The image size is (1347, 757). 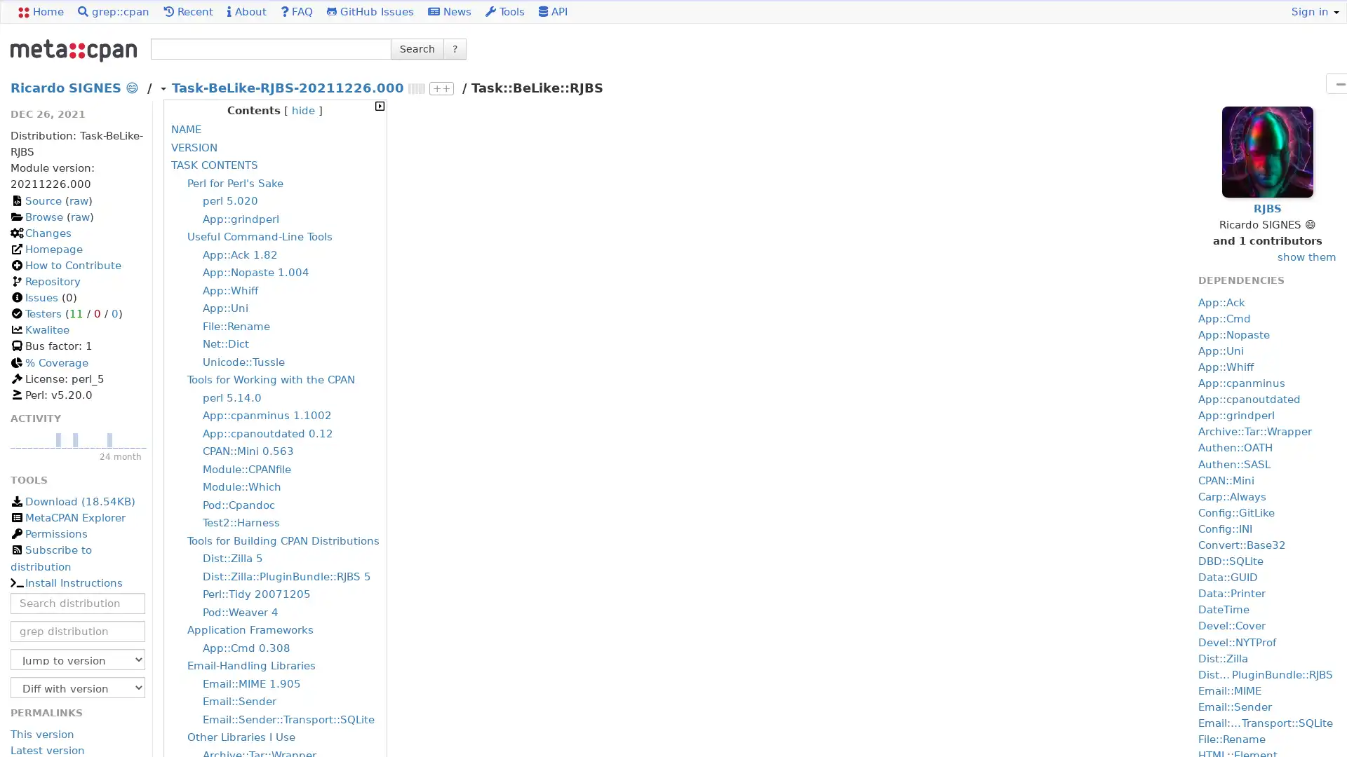 What do you see at coordinates (1306, 257) in the screenshot?
I see `show them` at bounding box center [1306, 257].